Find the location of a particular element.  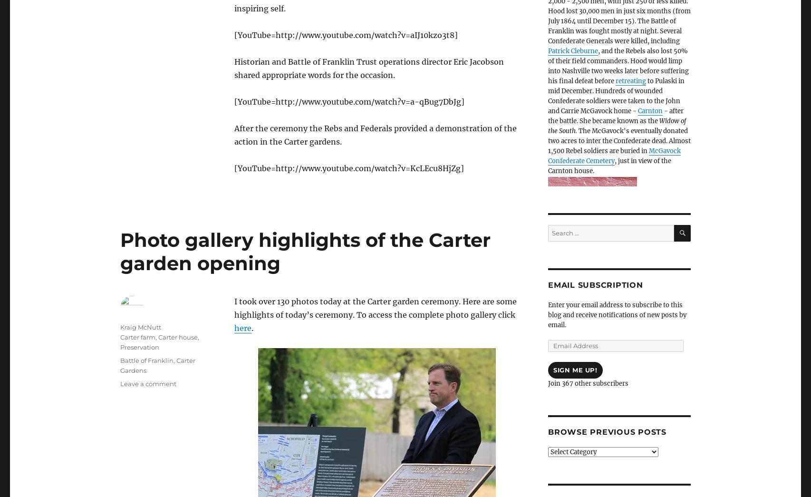

'Widow of the South.' is located at coordinates (616, 126).